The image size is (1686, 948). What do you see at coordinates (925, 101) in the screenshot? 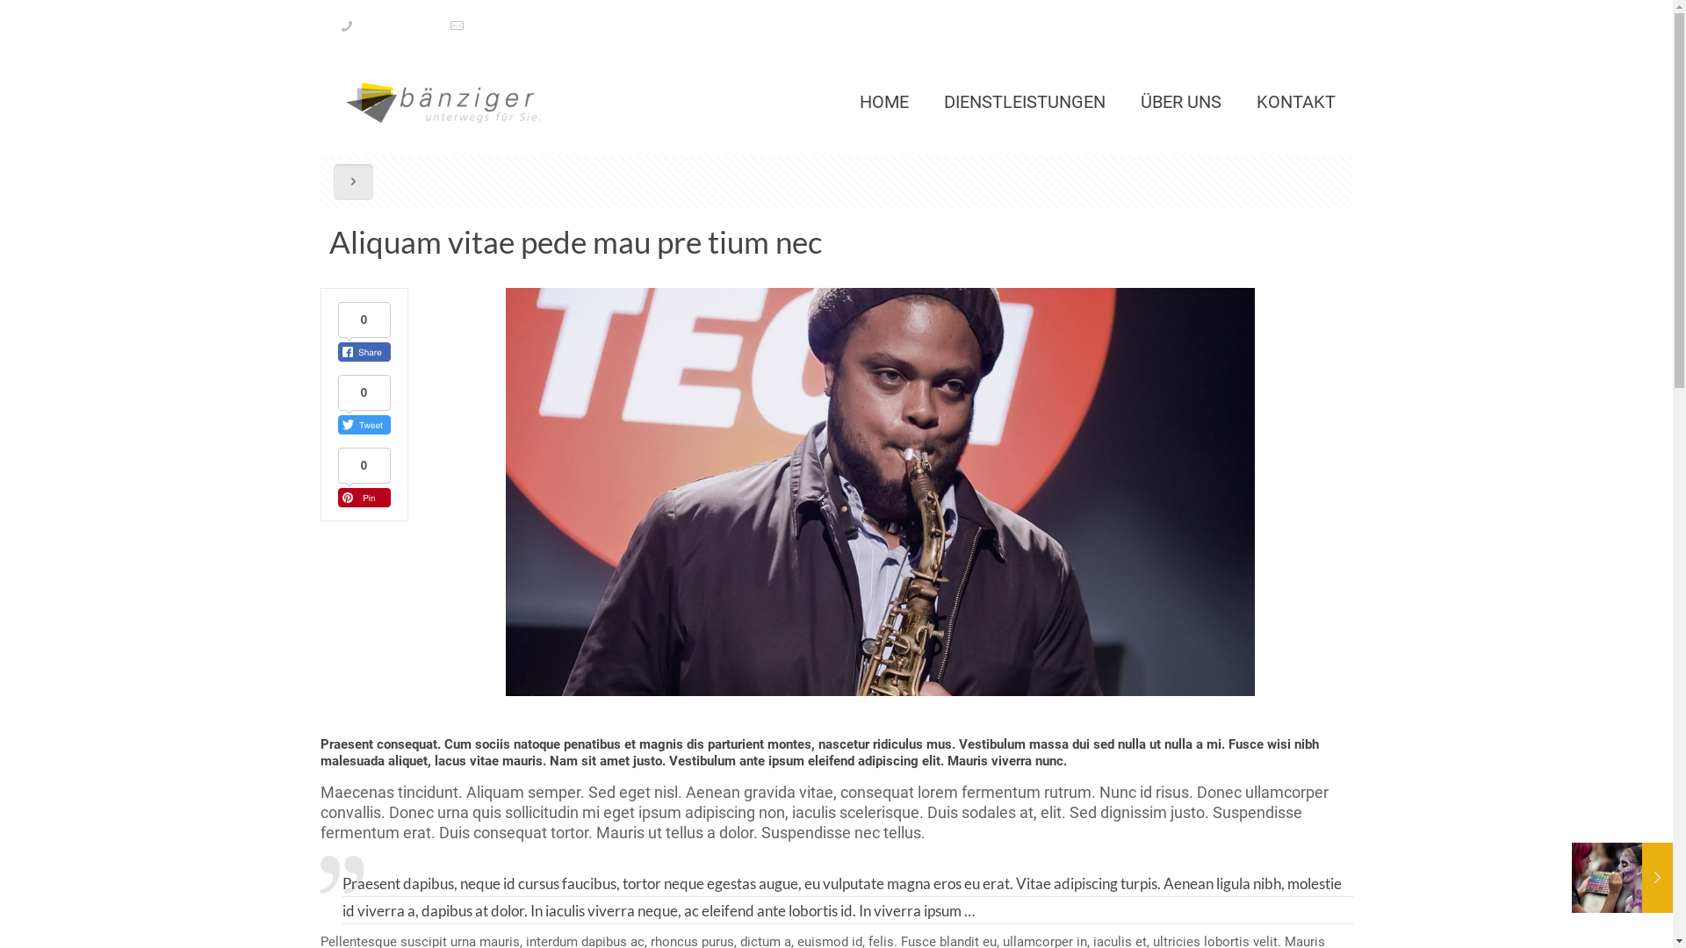
I see `'DIENSTLEISTUNGEN'` at bounding box center [925, 101].